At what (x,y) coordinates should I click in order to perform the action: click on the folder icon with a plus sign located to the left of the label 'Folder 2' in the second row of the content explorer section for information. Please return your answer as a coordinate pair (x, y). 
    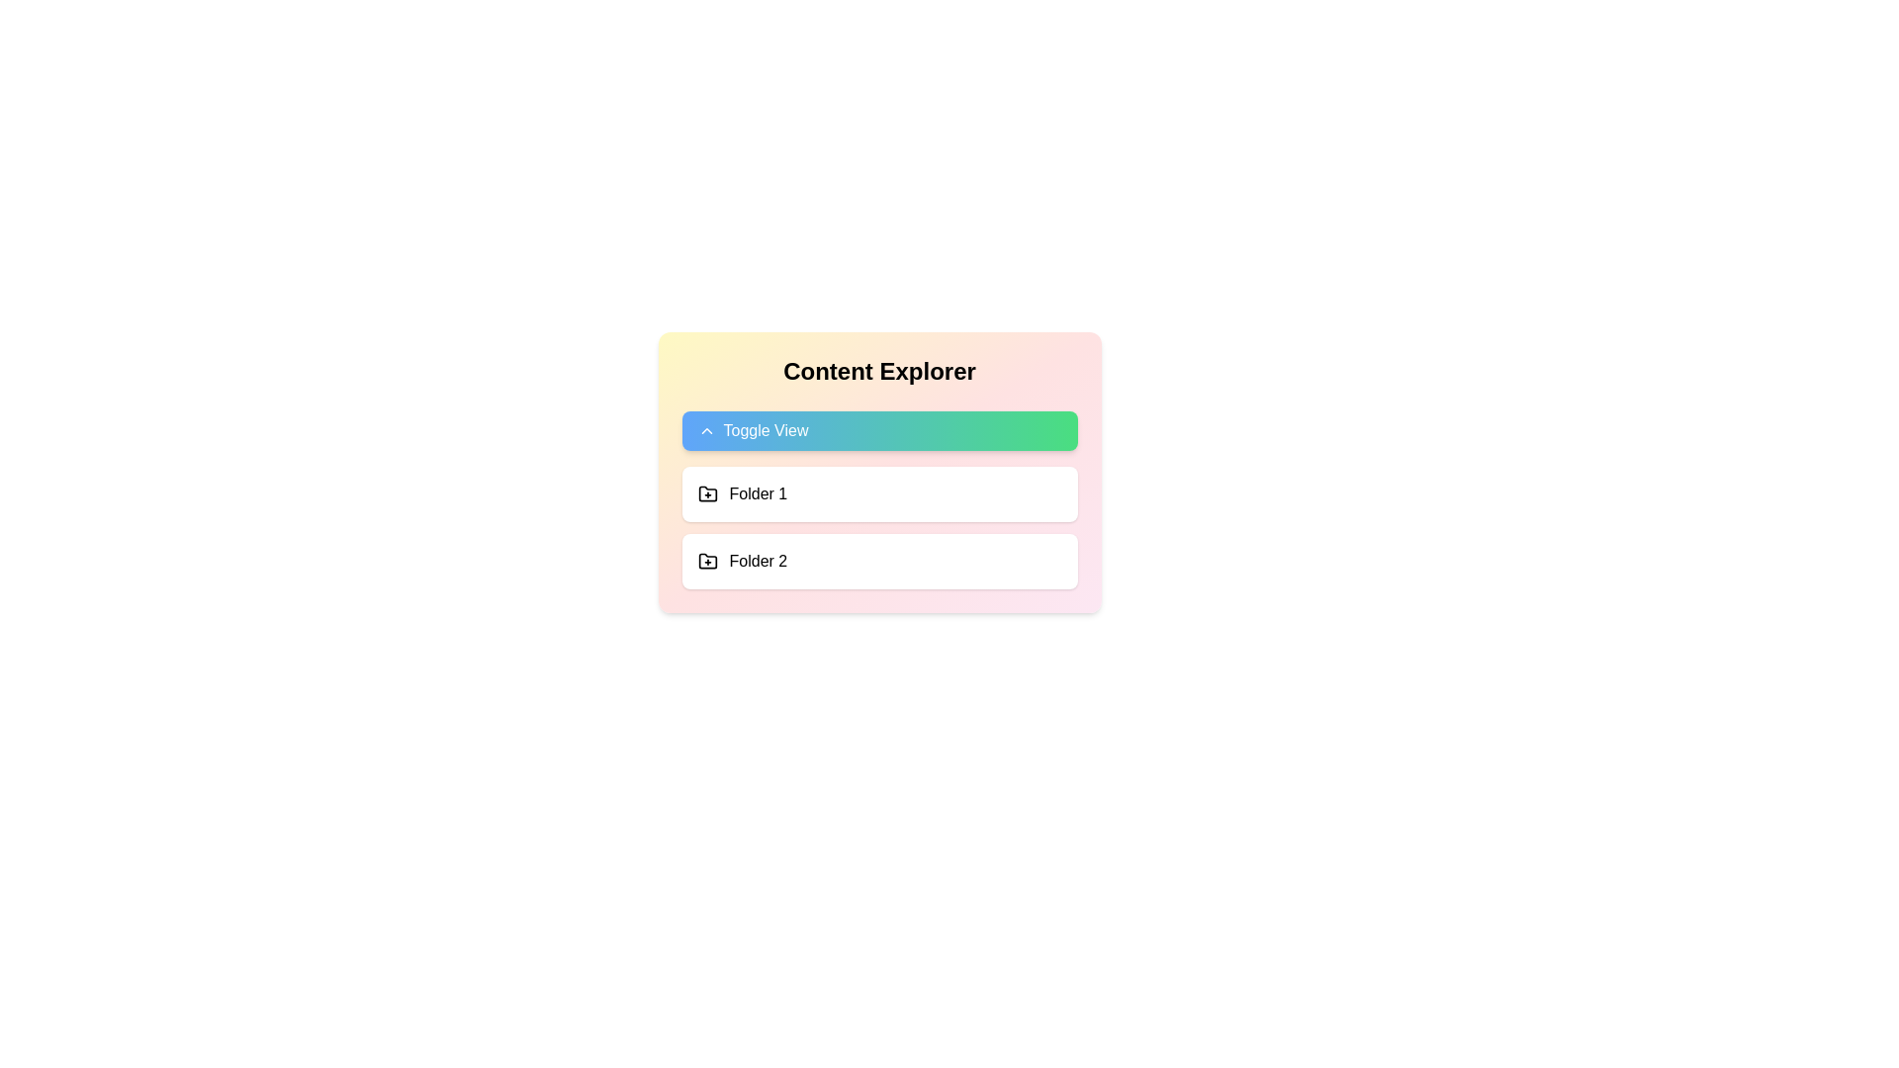
    Looking at the image, I should click on (707, 561).